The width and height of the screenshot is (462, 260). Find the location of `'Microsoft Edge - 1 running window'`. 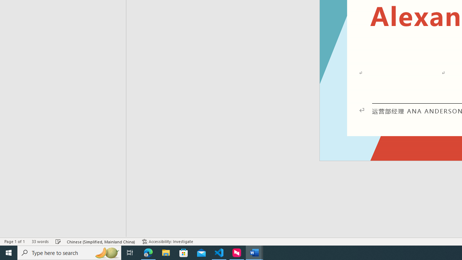

'Microsoft Edge - 1 running window' is located at coordinates (148, 252).